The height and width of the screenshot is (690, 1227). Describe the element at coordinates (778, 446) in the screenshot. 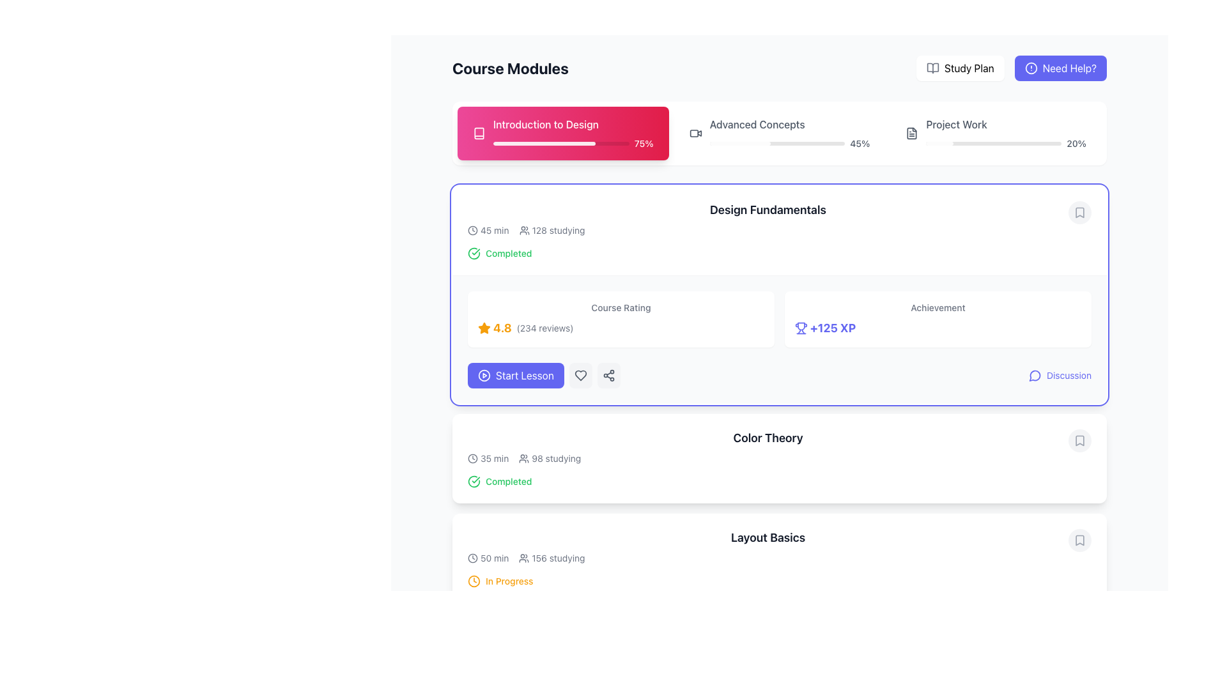

I see `the 'Color Theory' course module summary item` at that location.